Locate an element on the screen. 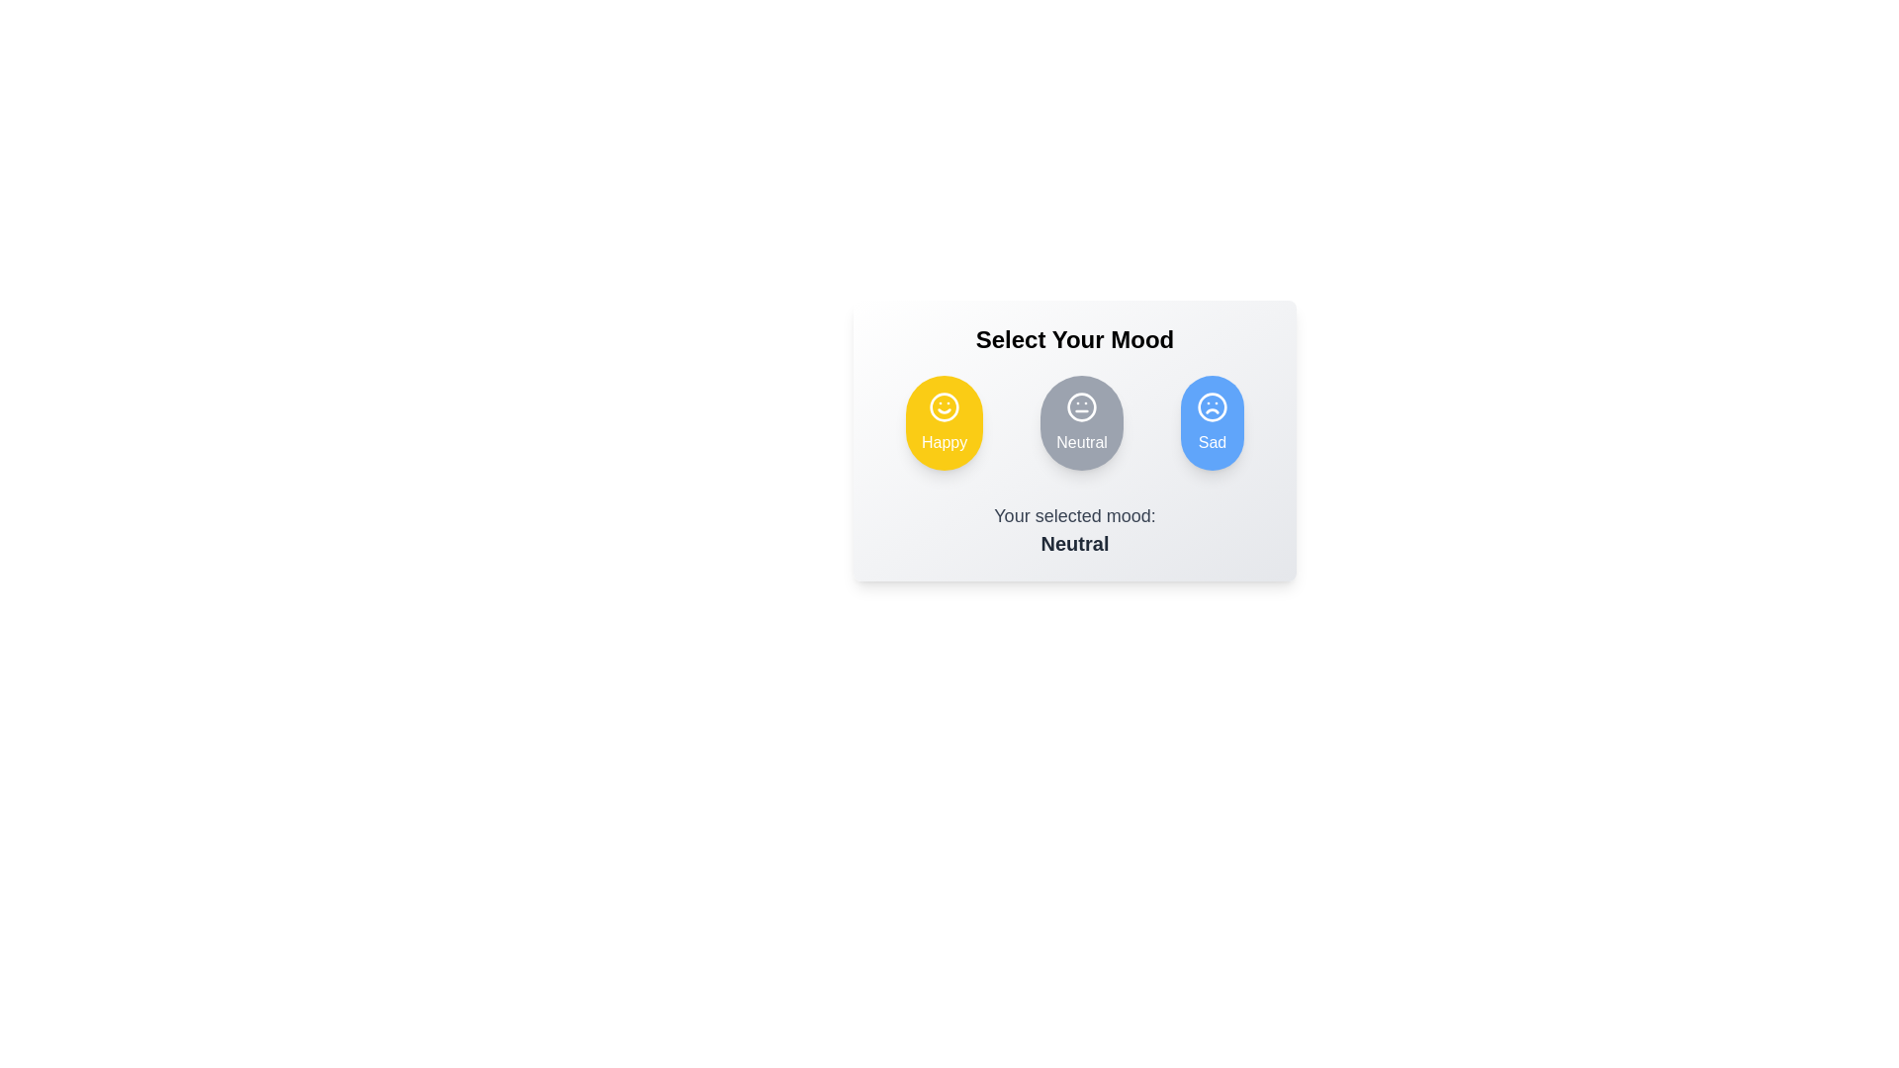 The image size is (1899, 1068). the circular outline in the 'Neutral' mood icon, which is part of the visual design representing a neutral emotional state is located at coordinates (1081, 406).